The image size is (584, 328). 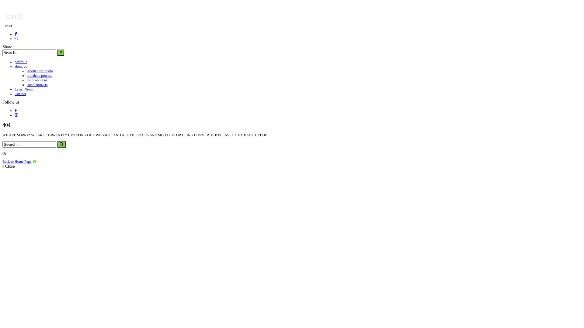 What do you see at coordinates (26, 71) in the screenshot?
I see `'About Our Studio'` at bounding box center [26, 71].